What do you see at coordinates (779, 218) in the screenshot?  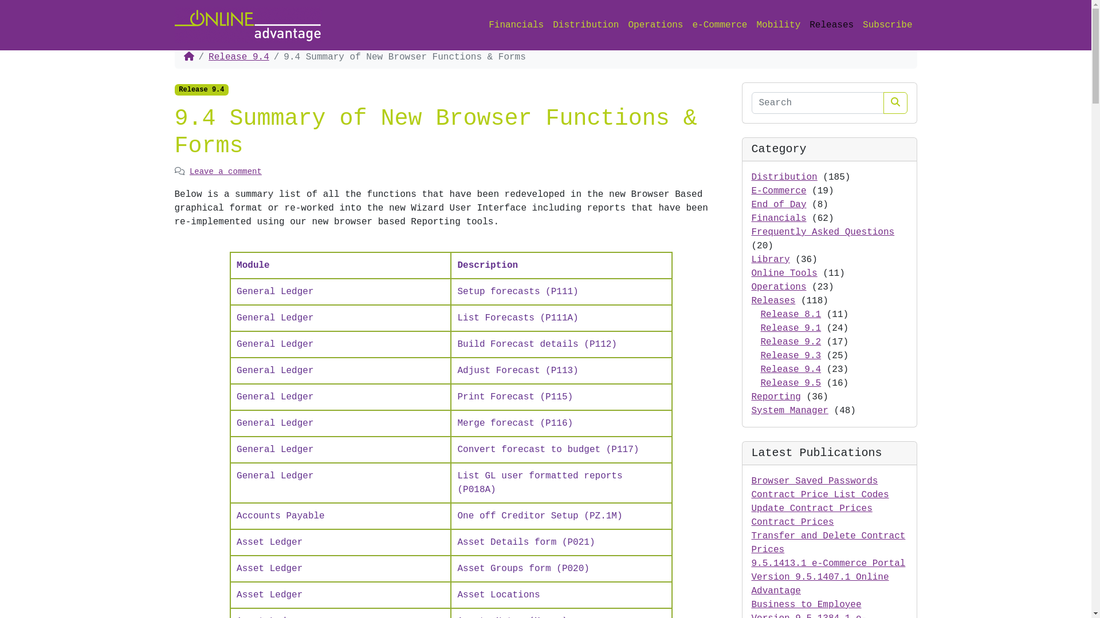 I see `'Financials'` at bounding box center [779, 218].